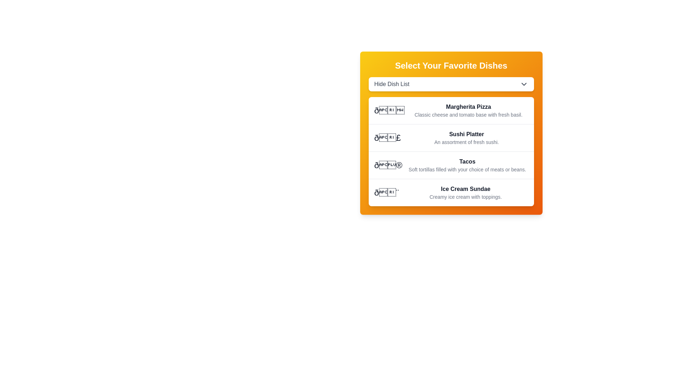 The width and height of the screenshot is (684, 384). Describe the element at coordinates (466, 193) in the screenshot. I see `the informative text group titled 'Ice Cream Sundae'` at that location.